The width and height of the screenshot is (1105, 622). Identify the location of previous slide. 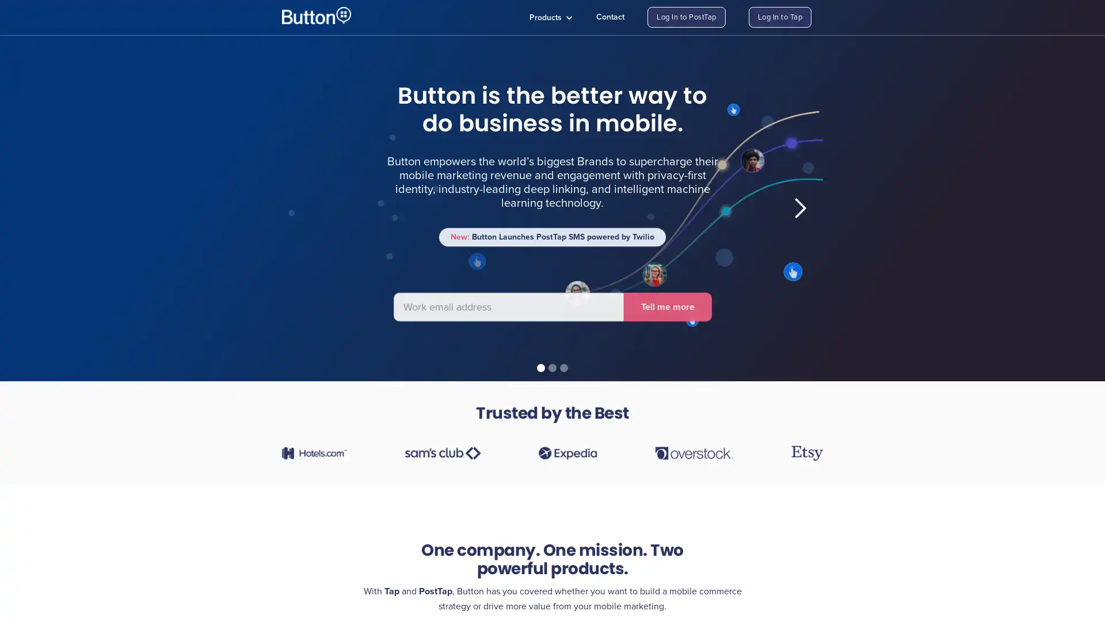
(304, 208).